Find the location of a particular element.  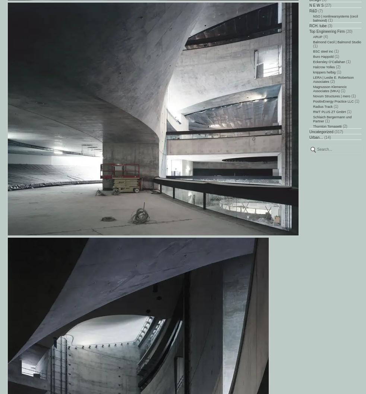

'LERA | Leslie E. Robertson Associates' is located at coordinates (333, 79).